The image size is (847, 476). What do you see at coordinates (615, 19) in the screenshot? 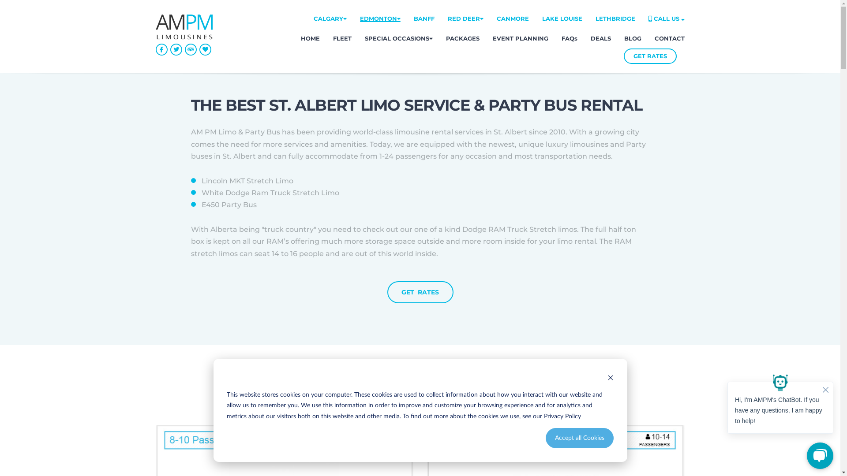
I see `'LETHBRIDGE'` at bounding box center [615, 19].